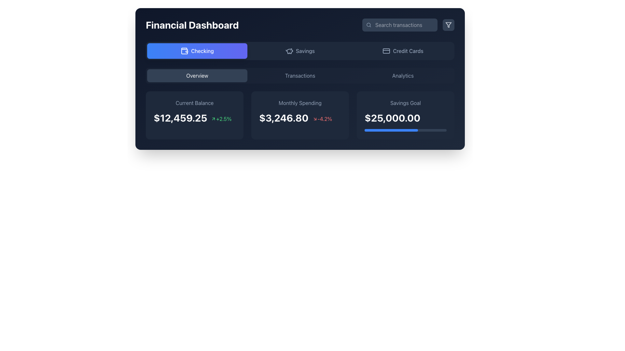 The width and height of the screenshot is (625, 351). What do you see at coordinates (299, 115) in the screenshot?
I see `the middle text block displaying 'Monthly Spending'` at bounding box center [299, 115].